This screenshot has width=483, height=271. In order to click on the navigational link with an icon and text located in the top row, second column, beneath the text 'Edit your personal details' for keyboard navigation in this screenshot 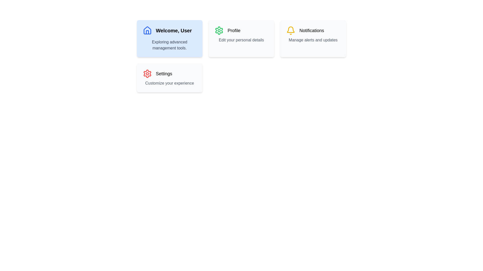, I will do `click(241, 31)`.